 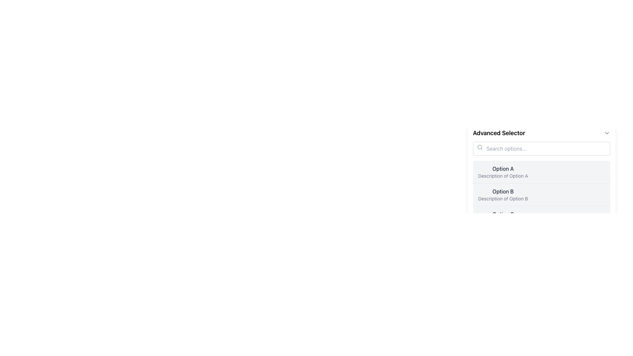 I want to click on the search icon located at the top-left corner of the 'Search options...' input box, so click(x=480, y=147).